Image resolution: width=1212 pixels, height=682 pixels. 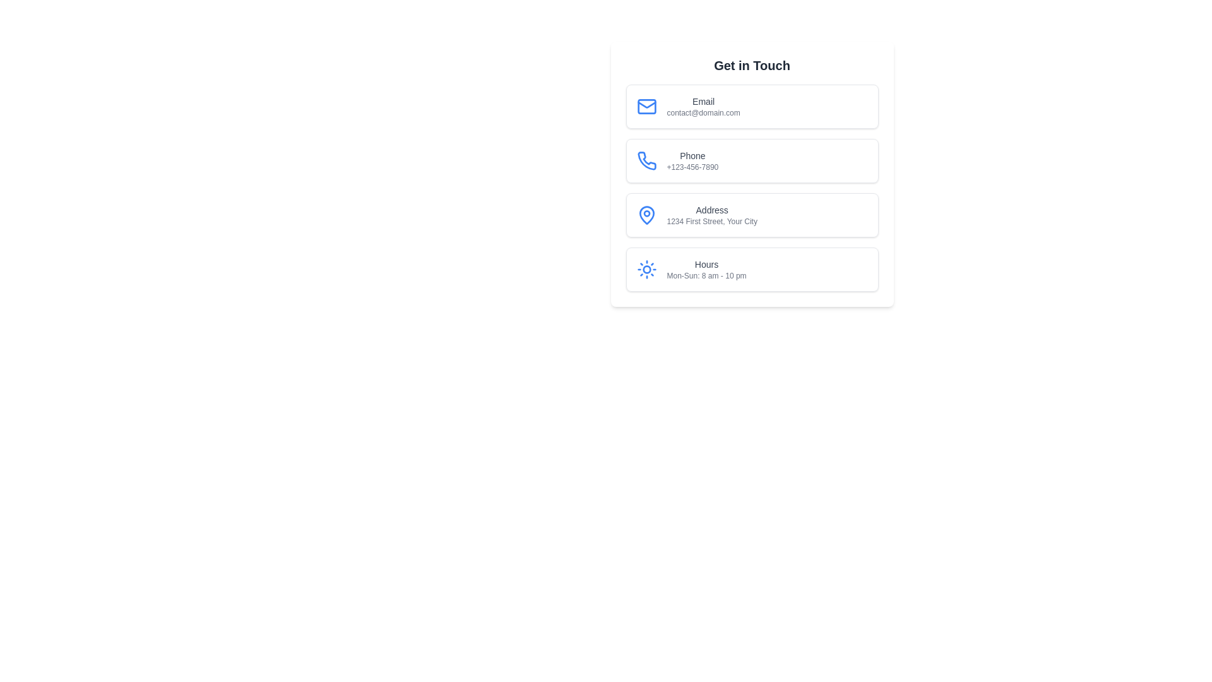 What do you see at coordinates (706, 275) in the screenshot?
I see `the text indicating operational hours, which is located directly below the 'Hours' label in a structured card interface` at bounding box center [706, 275].